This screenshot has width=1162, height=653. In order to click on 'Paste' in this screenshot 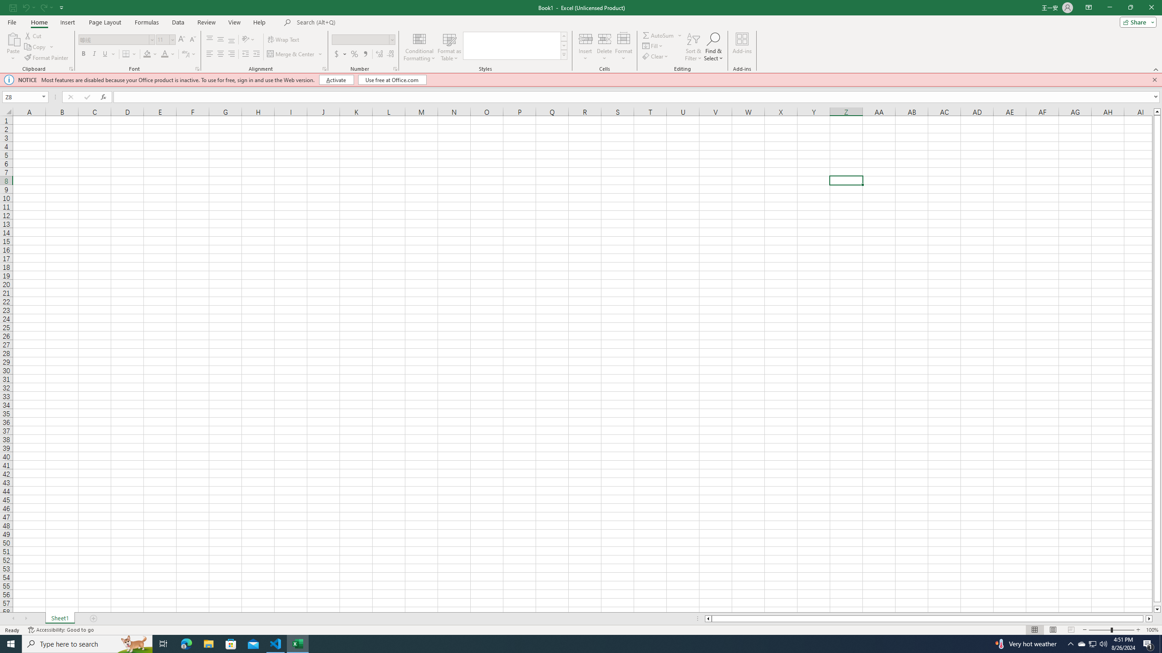, I will do `click(13, 38)`.